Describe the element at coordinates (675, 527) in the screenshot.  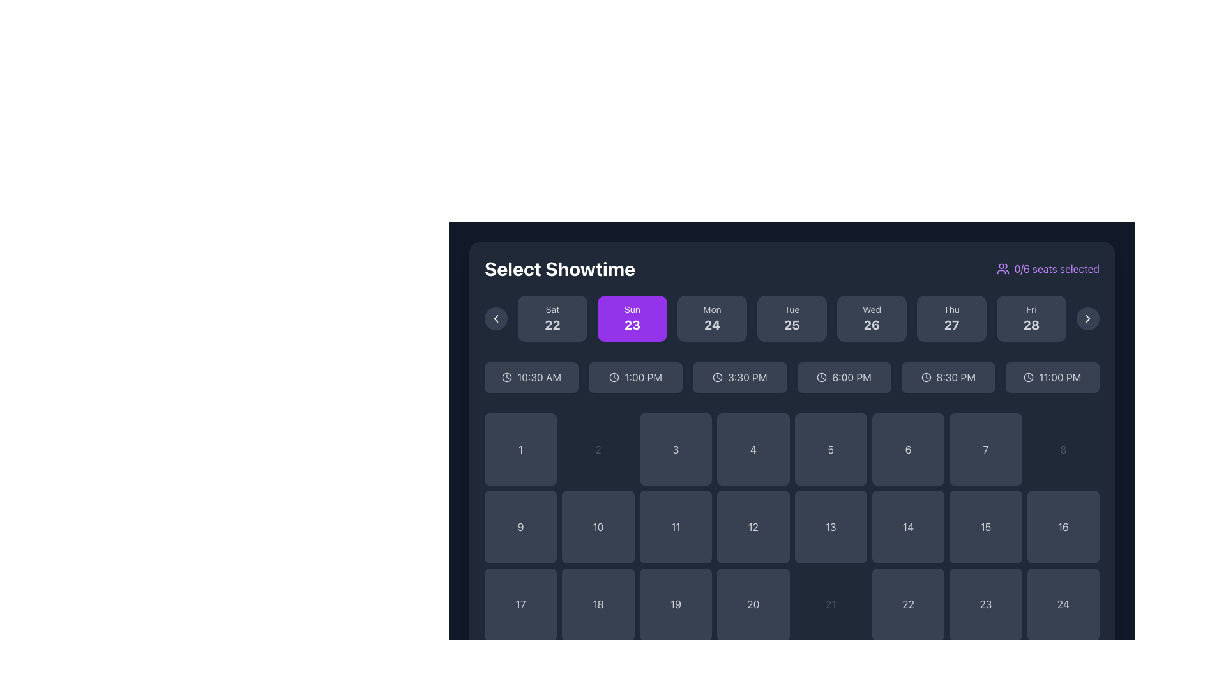
I see `the square button with rounded corners displaying the number '11'` at that location.